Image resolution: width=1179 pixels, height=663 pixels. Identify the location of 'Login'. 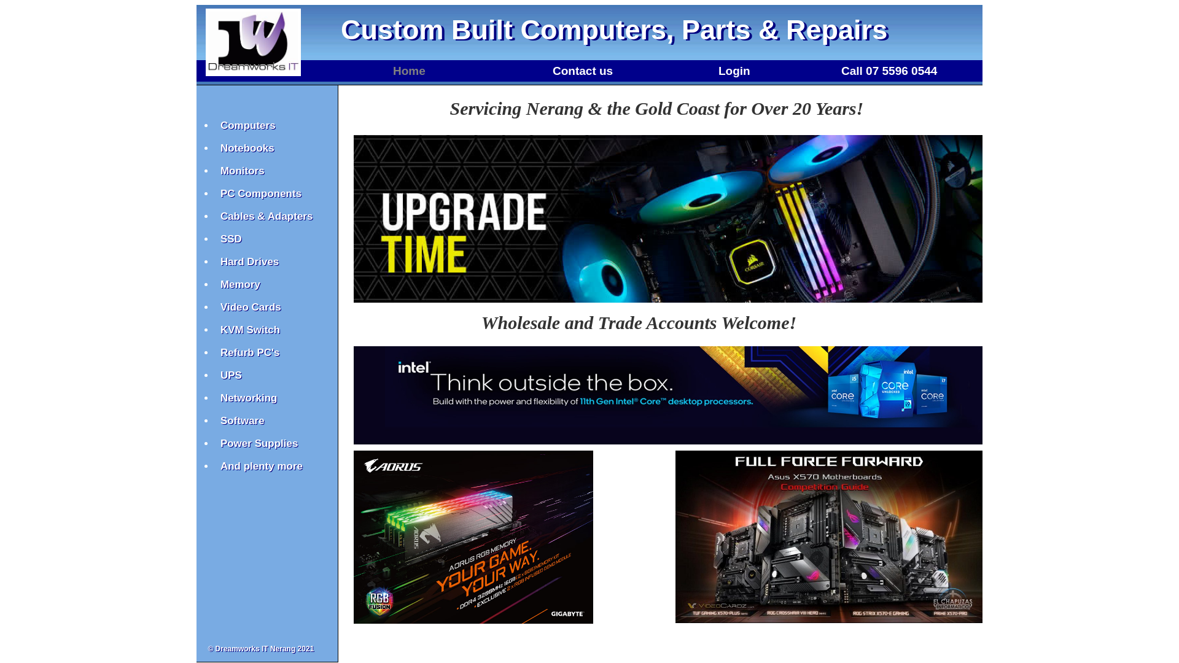
(734, 71).